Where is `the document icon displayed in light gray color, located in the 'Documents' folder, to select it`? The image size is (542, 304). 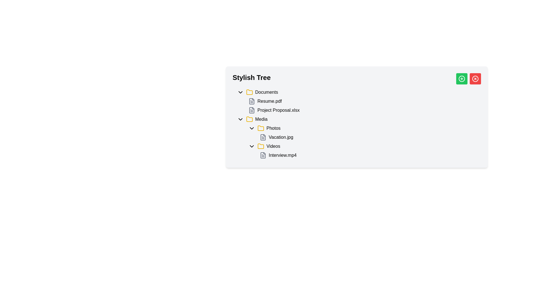
the document icon displayed in light gray color, located in the 'Documents' folder, to select it is located at coordinates (252, 101).